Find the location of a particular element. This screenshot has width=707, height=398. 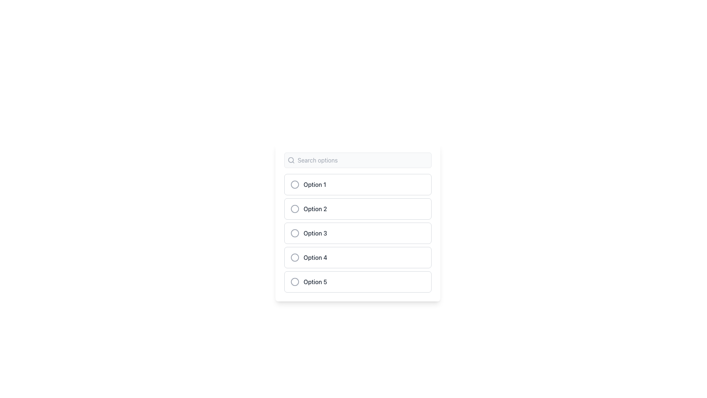

the unselected radio button is located at coordinates (295, 282).